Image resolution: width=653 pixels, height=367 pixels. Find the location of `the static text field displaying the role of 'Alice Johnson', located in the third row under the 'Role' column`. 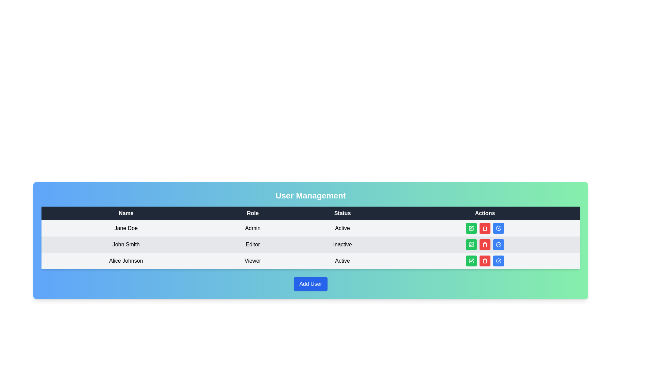

the static text field displaying the role of 'Alice Johnson', located in the third row under the 'Role' column is located at coordinates (252, 260).